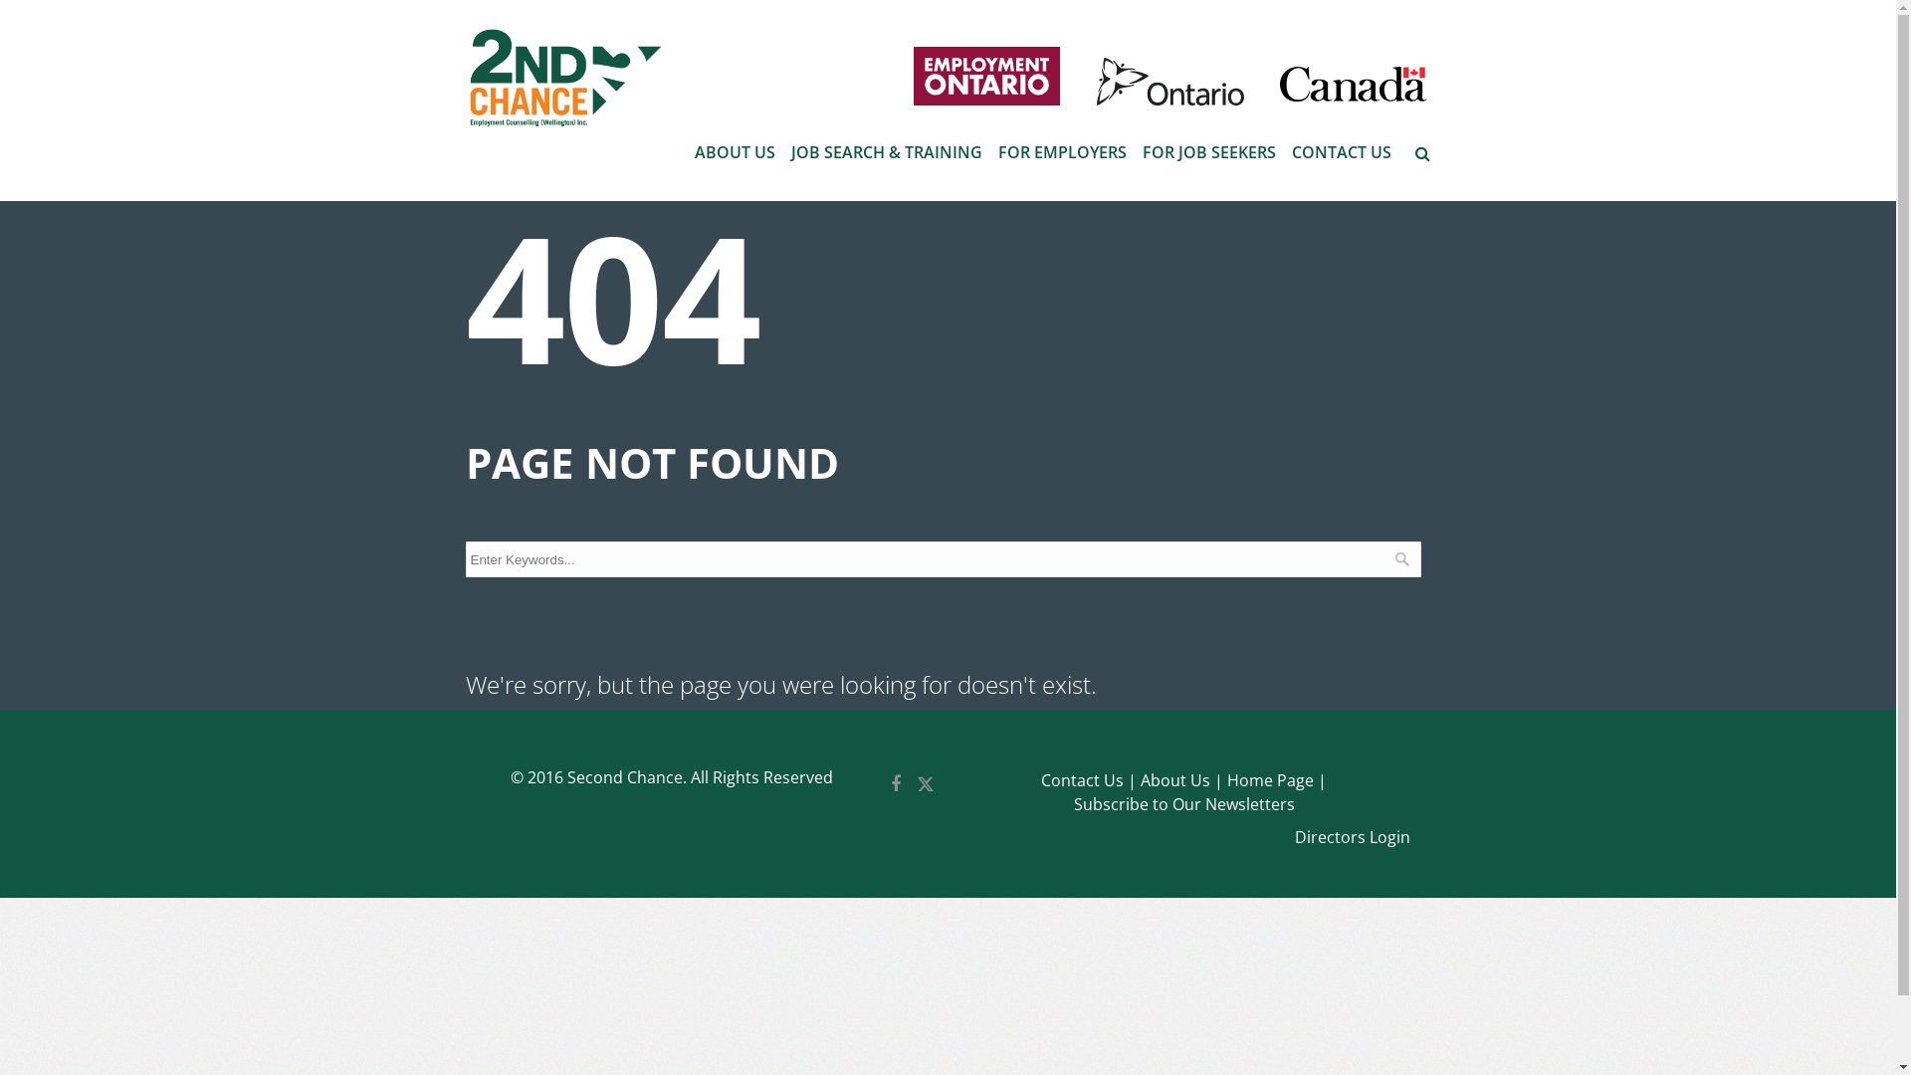 The height and width of the screenshot is (1075, 1911). What do you see at coordinates (1060, 151) in the screenshot?
I see `'FOR EMPLOYERS'` at bounding box center [1060, 151].